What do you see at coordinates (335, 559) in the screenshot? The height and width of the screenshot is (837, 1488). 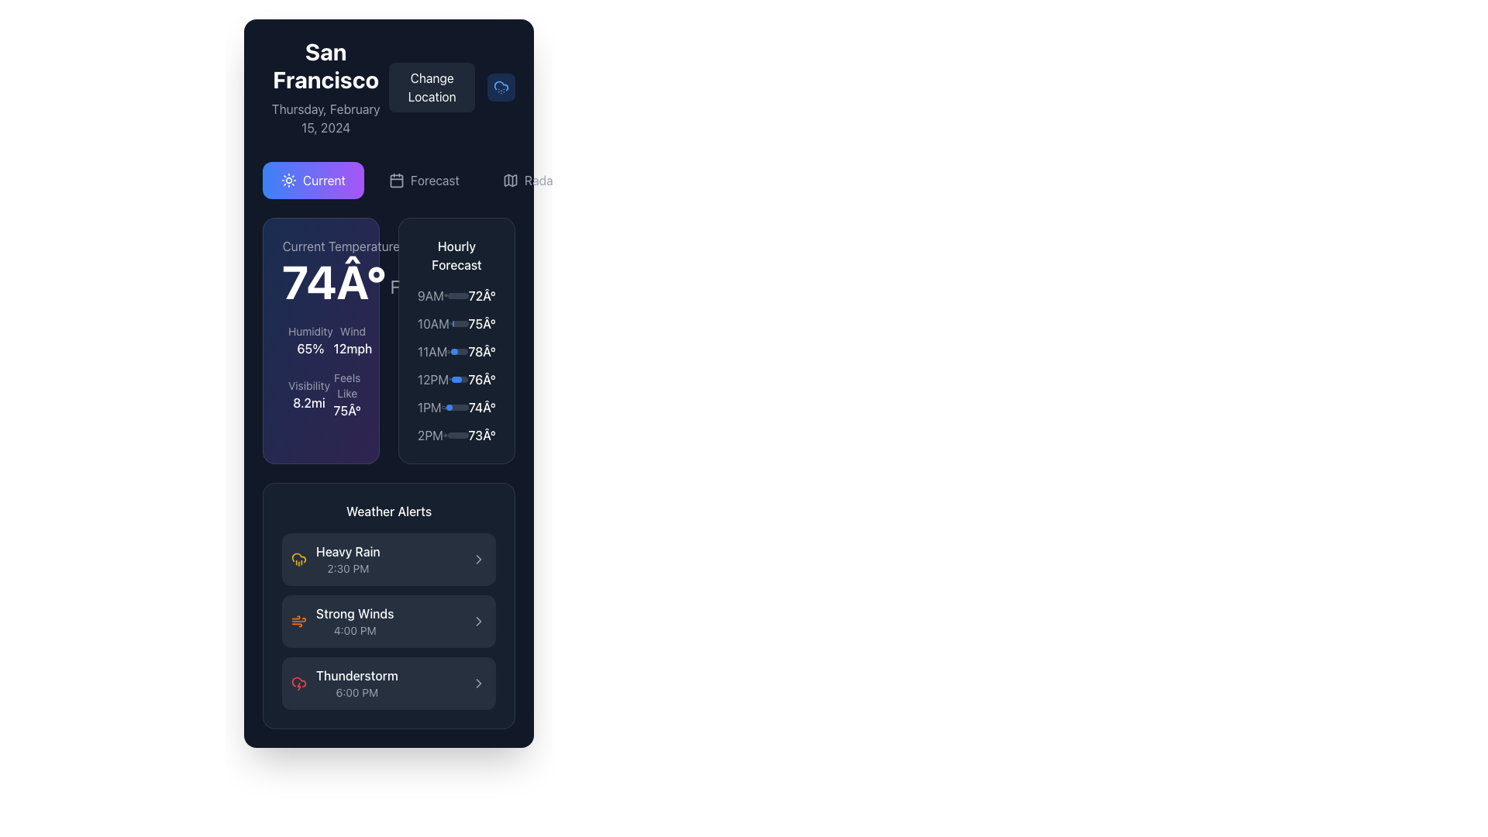 I see `information displayed in the Weather alert group, which includes a yellow cloud with rain icon and the text 'Heavy Rain' and '2:30 PM'` at bounding box center [335, 559].